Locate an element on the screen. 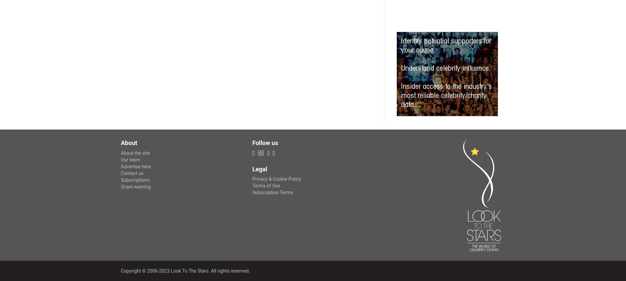 Image resolution: width=626 pixels, height=281 pixels. 'Follow us' is located at coordinates (265, 142).